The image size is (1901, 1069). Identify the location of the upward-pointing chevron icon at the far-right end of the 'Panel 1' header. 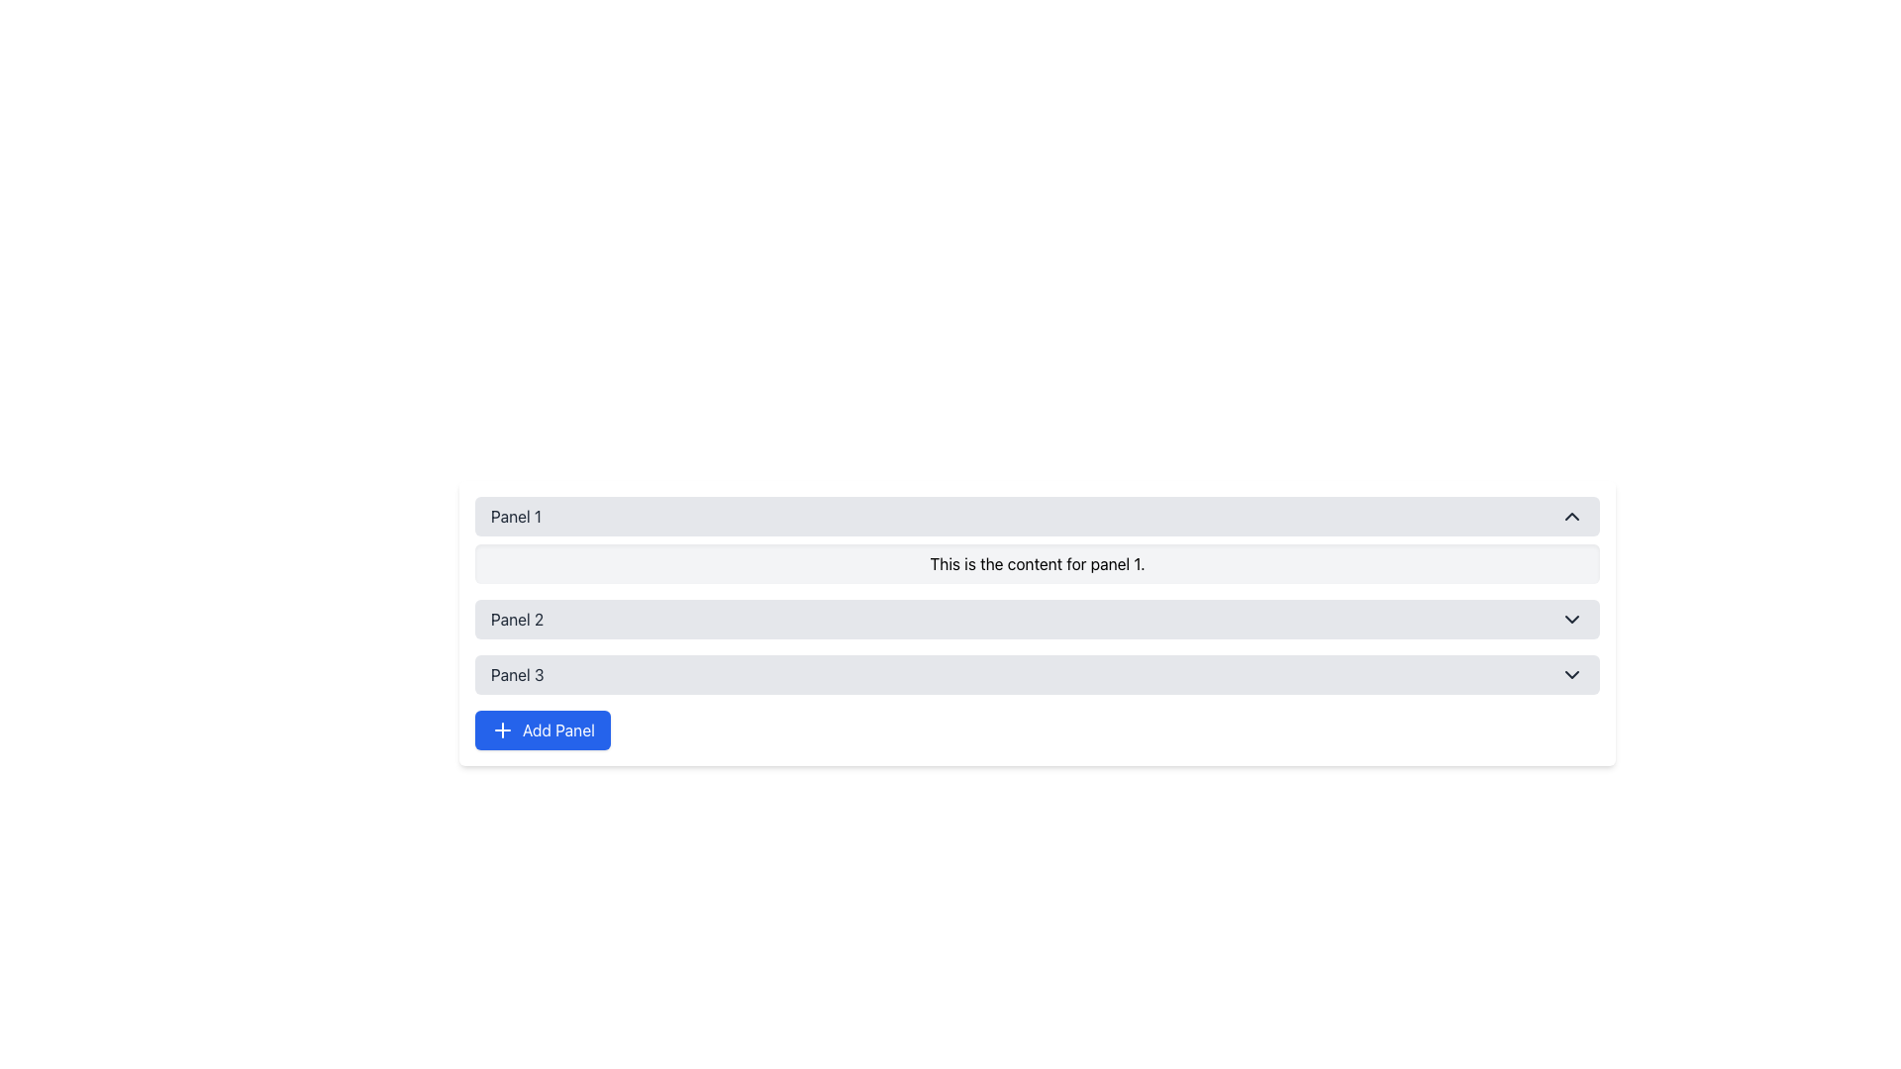
(1571, 515).